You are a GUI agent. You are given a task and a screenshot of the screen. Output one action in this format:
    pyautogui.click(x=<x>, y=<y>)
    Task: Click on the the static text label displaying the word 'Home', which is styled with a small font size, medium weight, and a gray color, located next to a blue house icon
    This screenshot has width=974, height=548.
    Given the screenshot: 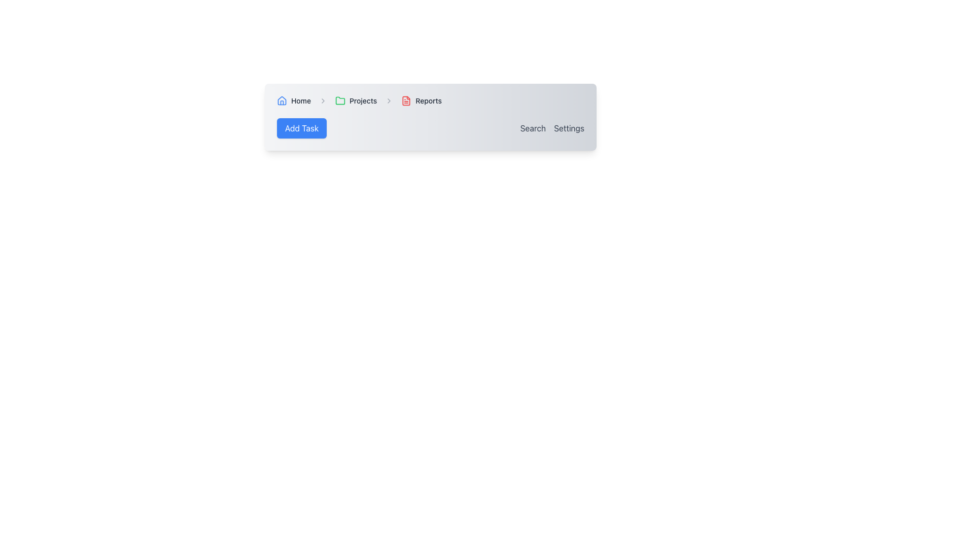 What is the action you would take?
    pyautogui.click(x=300, y=101)
    